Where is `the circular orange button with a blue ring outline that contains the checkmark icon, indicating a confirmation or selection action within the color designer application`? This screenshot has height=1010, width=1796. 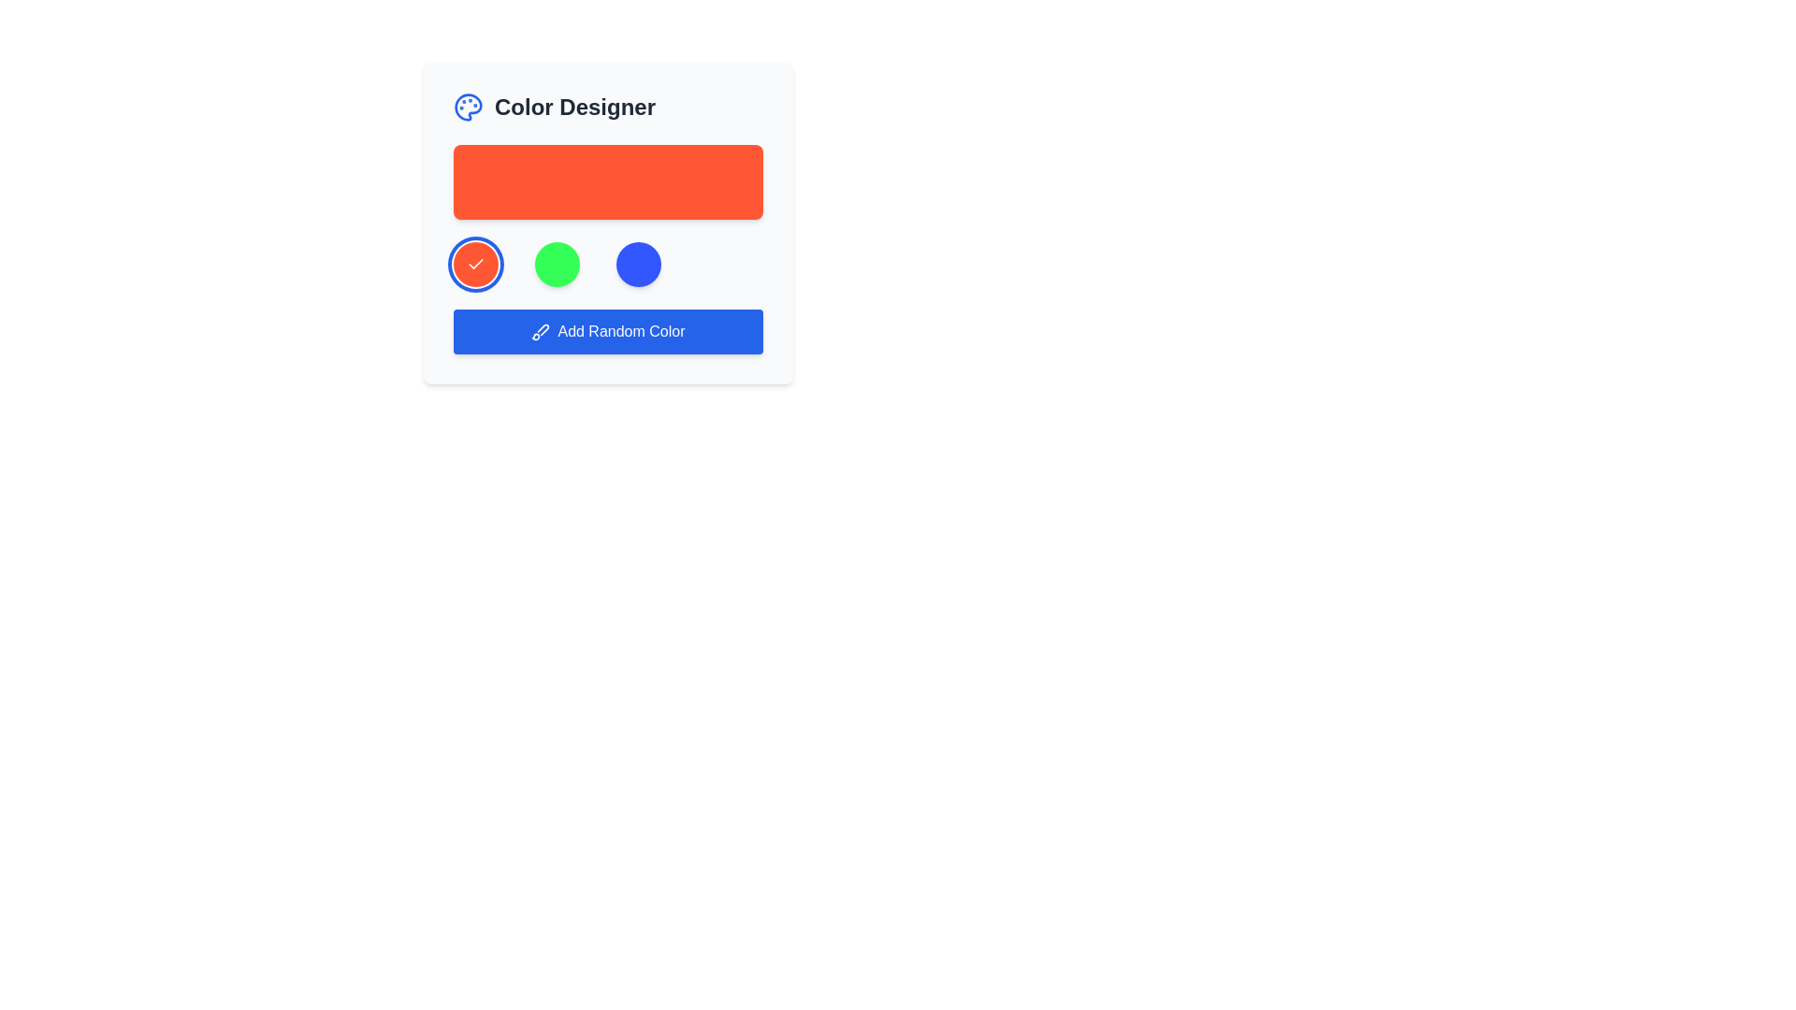
the circular orange button with a blue ring outline that contains the checkmark icon, indicating a confirmation or selection action within the color designer application is located at coordinates (475, 264).